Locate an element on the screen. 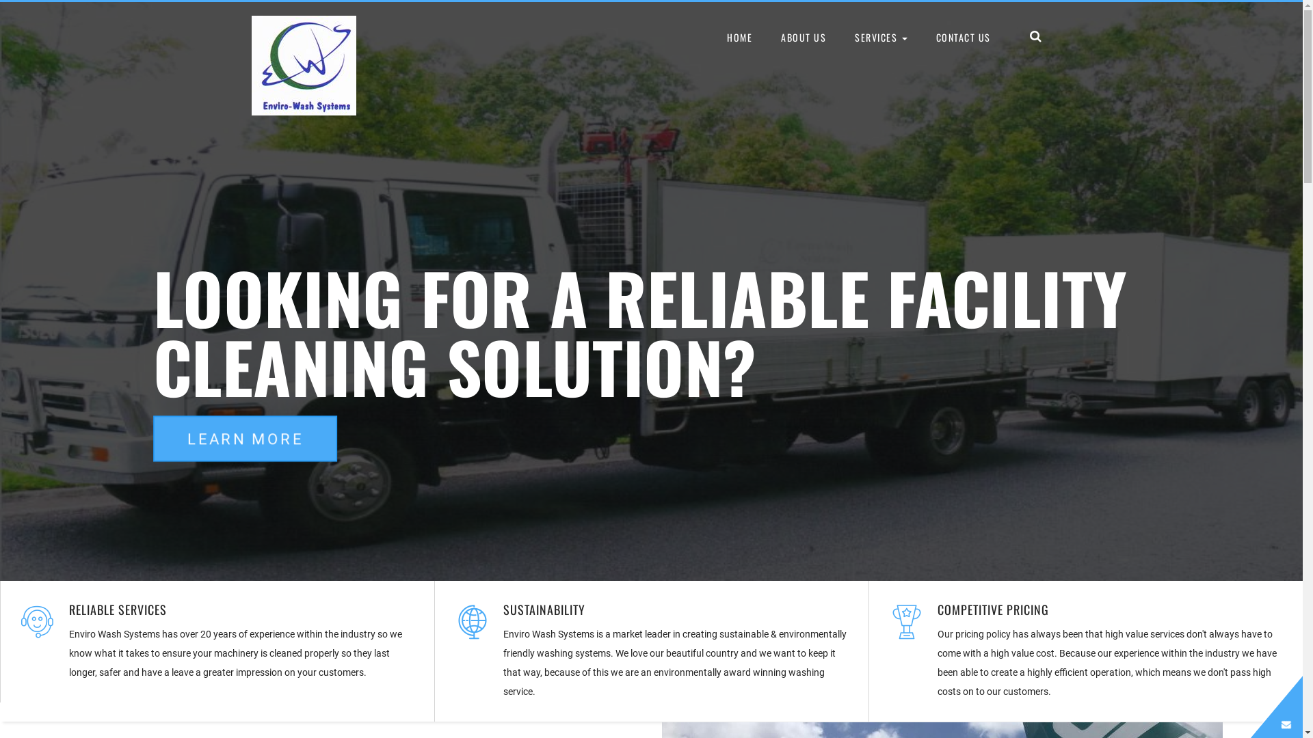  'ABOUT US' is located at coordinates (767, 36).